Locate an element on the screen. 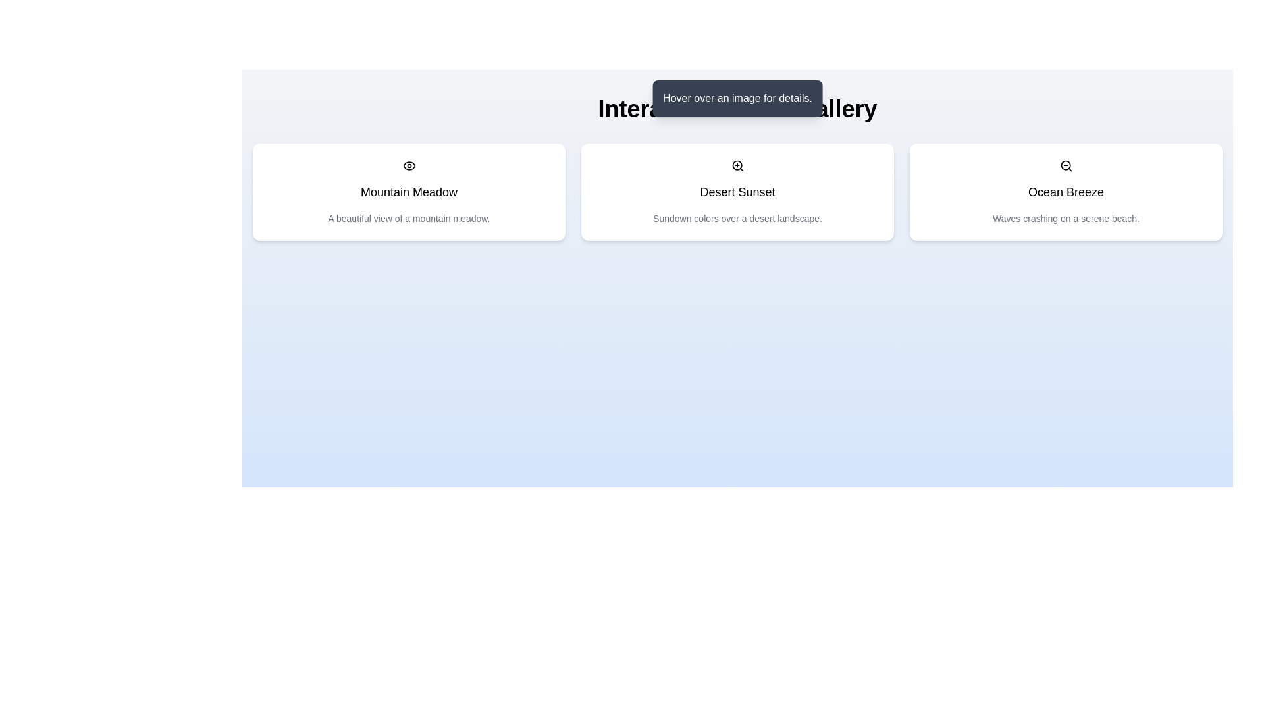 This screenshot has height=711, width=1264. the 'Desert Sunset' card element, which is the second card in the gallery layout is located at coordinates (737, 192).